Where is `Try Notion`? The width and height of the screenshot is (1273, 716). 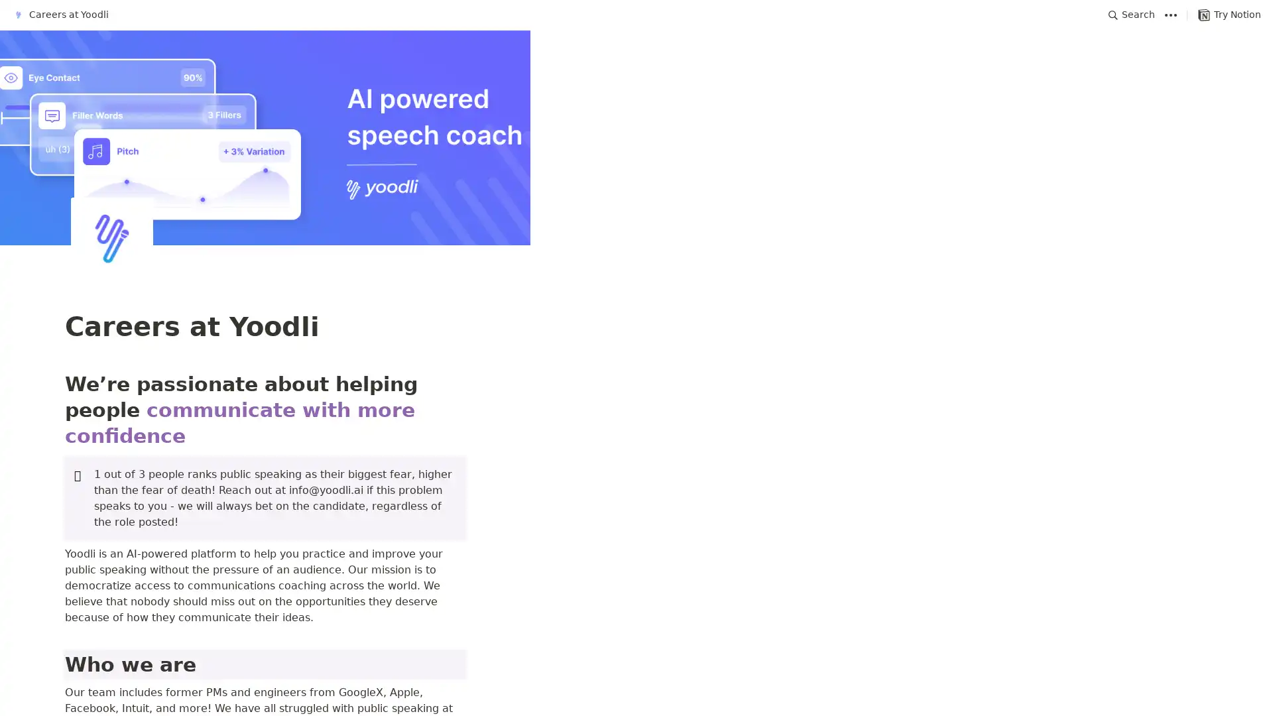
Try Notion is located at coordinates (1229, 15).